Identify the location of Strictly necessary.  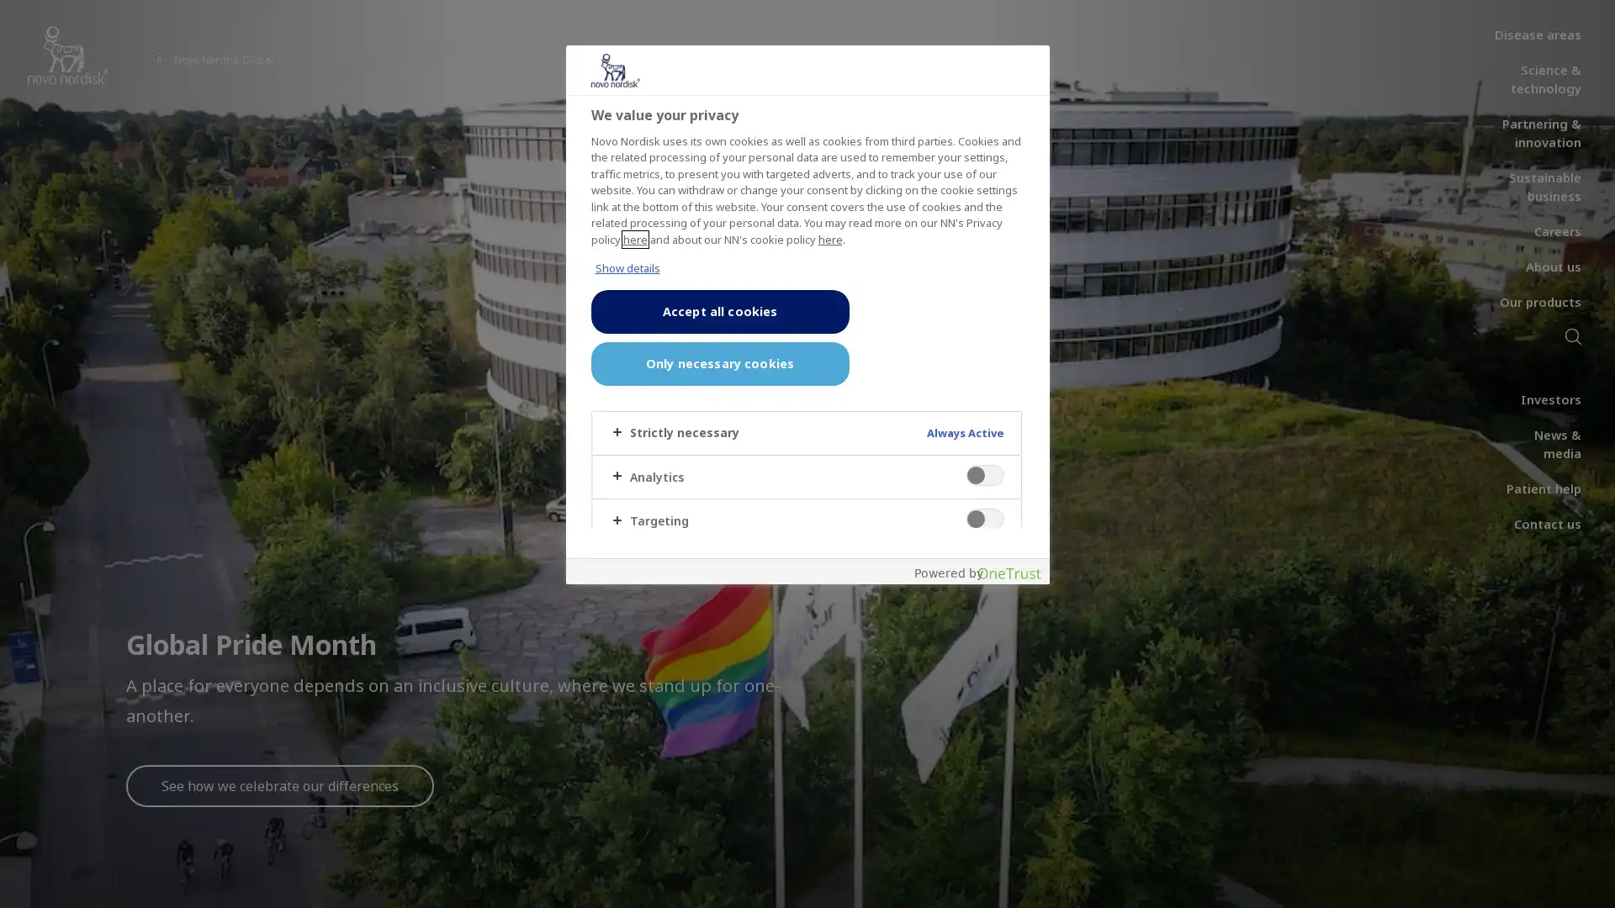
(805, 431).